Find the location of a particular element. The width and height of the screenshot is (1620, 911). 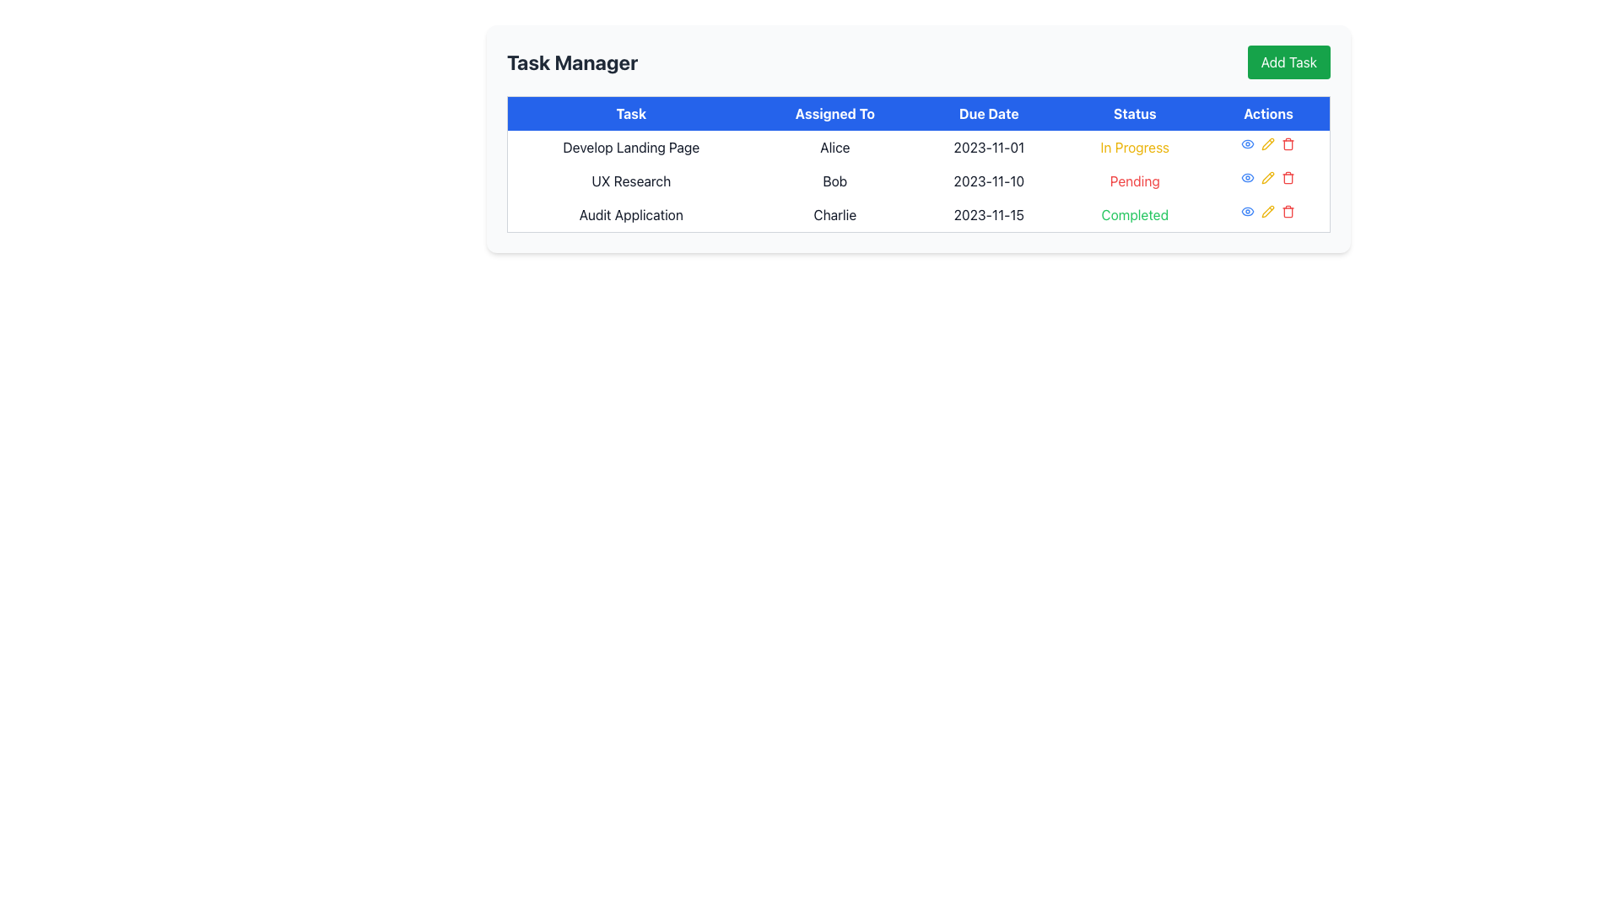

the text label displaying 'Alice' in the 'Assigned To' column of the table, which is located under the 'Develop Landing Page' task row is located at coordinates (834, 146).